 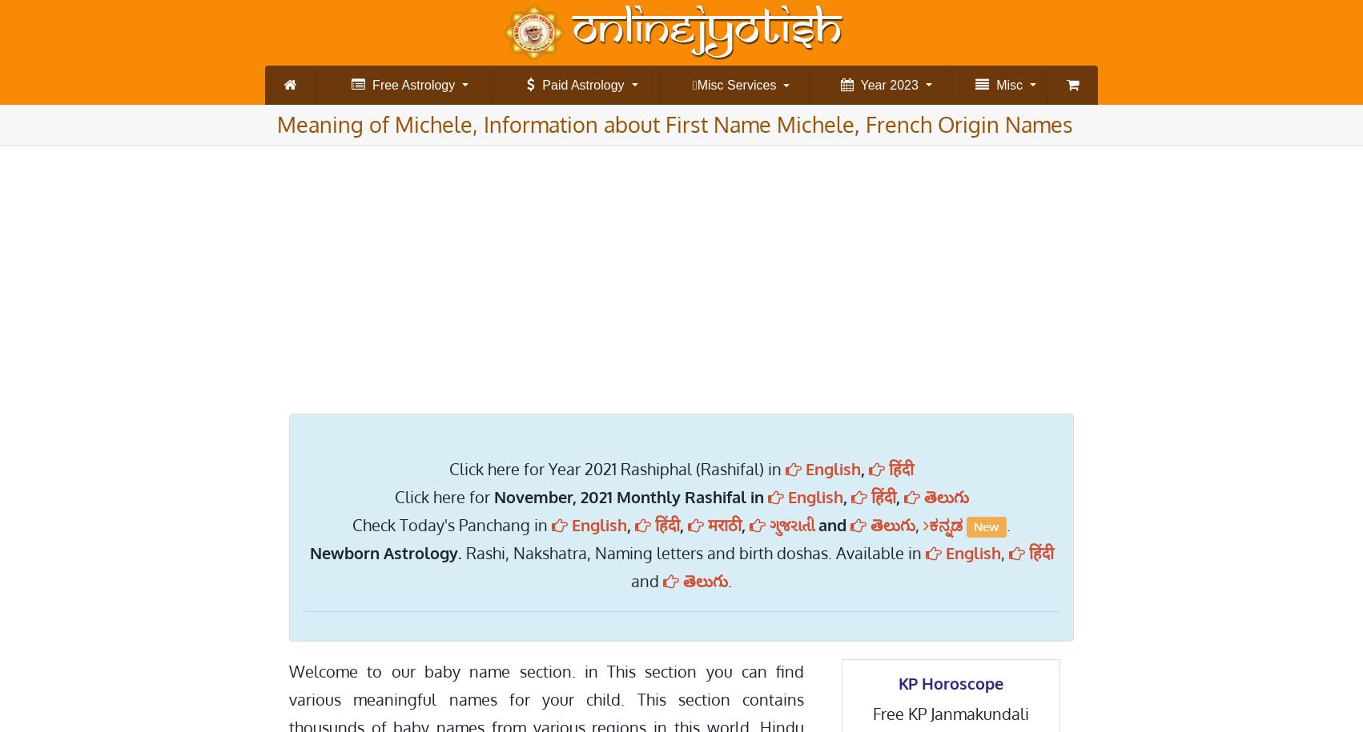 What do you see at coordinates (353, 190) in the screenshot?
I see `'Rashiphal (Rashifal)'` at bounding box center [353, 190].